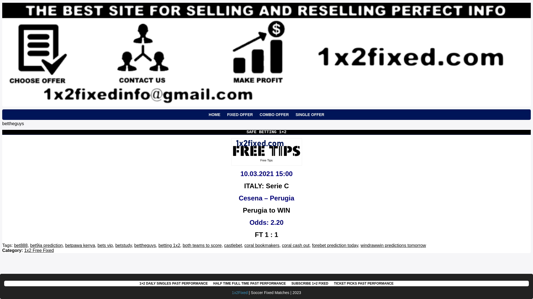 This screenshot has height=299, width=533. What do you see at coordinates (335, 245) in the screenshot?
I see `'forebet prediction today'` at bounding box center [335, 245].